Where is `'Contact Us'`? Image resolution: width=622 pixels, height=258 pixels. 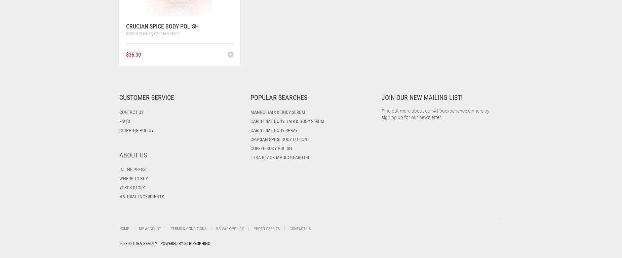
'Contact Us' is located at coordinates (300, 229).